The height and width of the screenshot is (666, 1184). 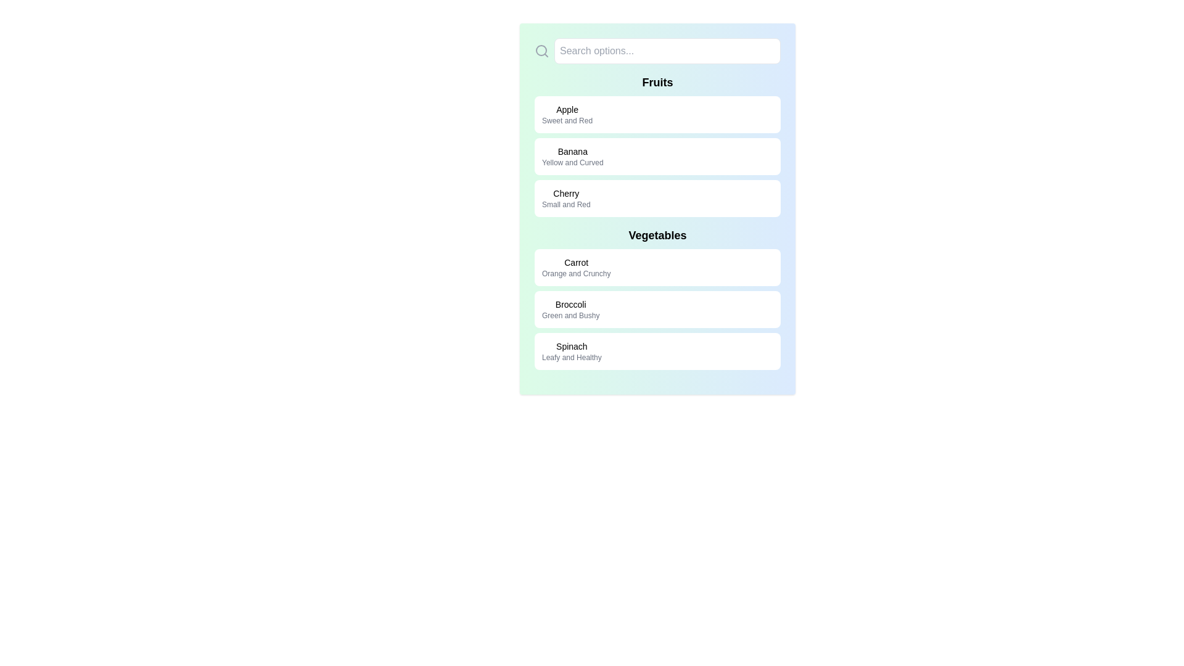 I want to click on to select the List item labeled 'Banana' with a white background and rounded corners, which is located between the 'Apple' and 'Cherry' containers in the 'Fruits' section, so click(x=657, y=144).